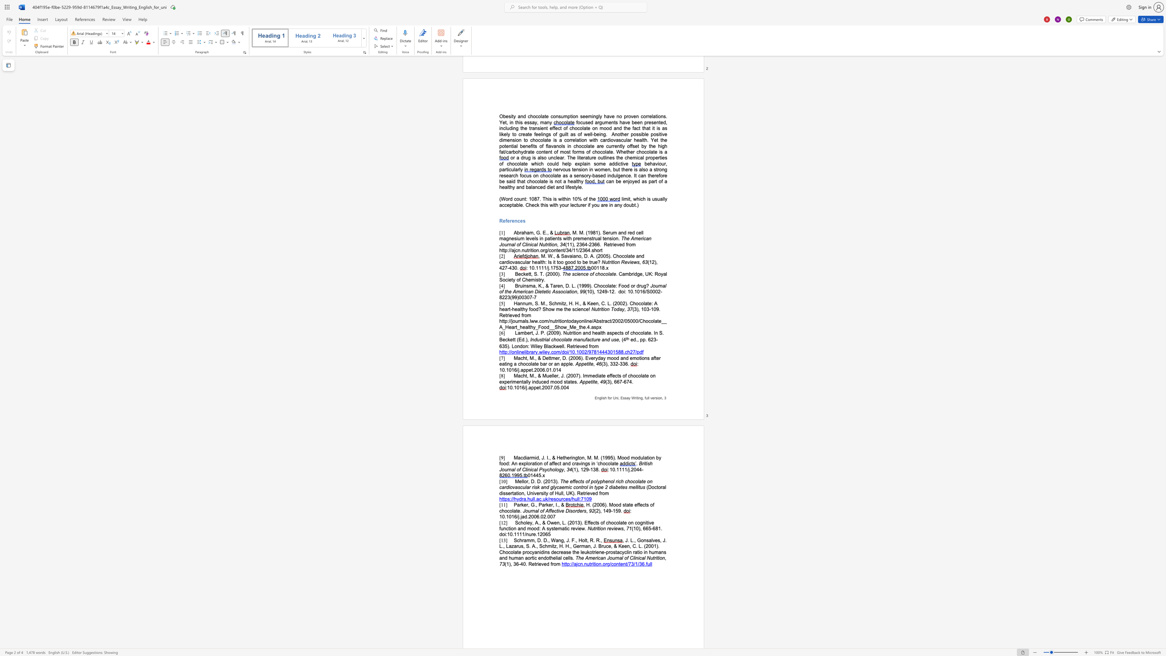 This screenshot has height=656, width=1166. I want to click on the subset text "204" within the text ": 10.1111/j.2044-", so click(631, 469).